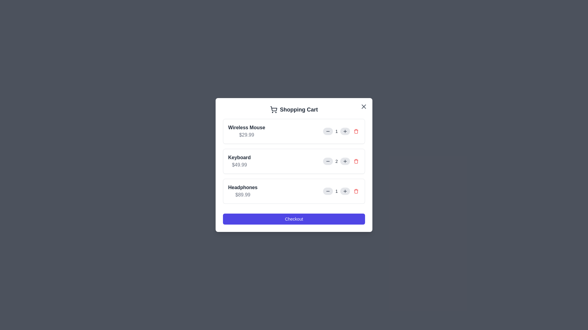  I want to click on current quantity displayed in the shopping cart, which is indicated by the numeral between the decrement '-' and increment '+' buttons, so click(336, 161).